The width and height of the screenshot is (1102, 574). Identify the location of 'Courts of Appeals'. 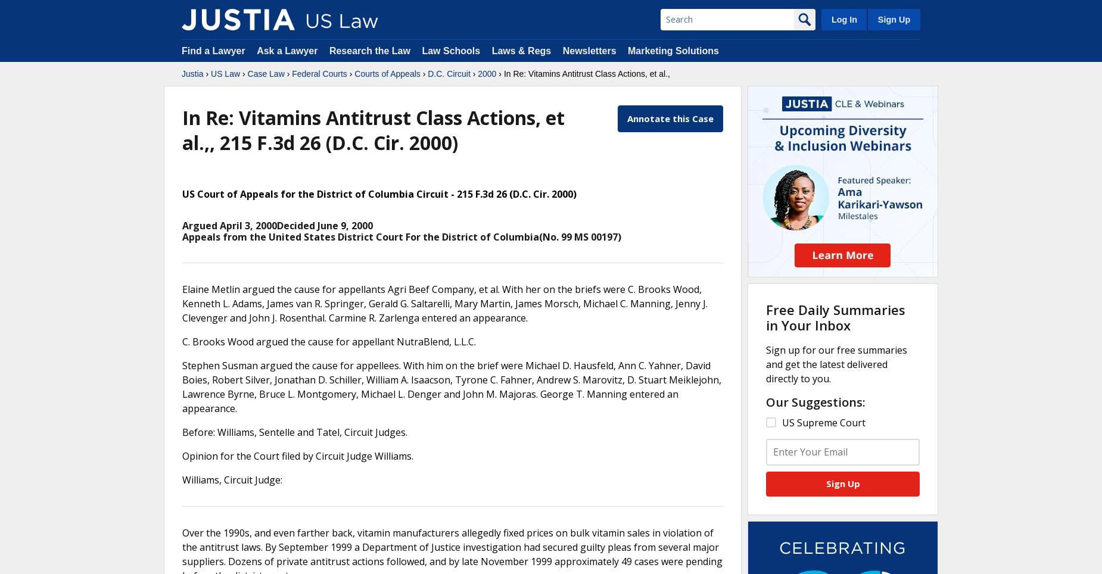
(354, 73).